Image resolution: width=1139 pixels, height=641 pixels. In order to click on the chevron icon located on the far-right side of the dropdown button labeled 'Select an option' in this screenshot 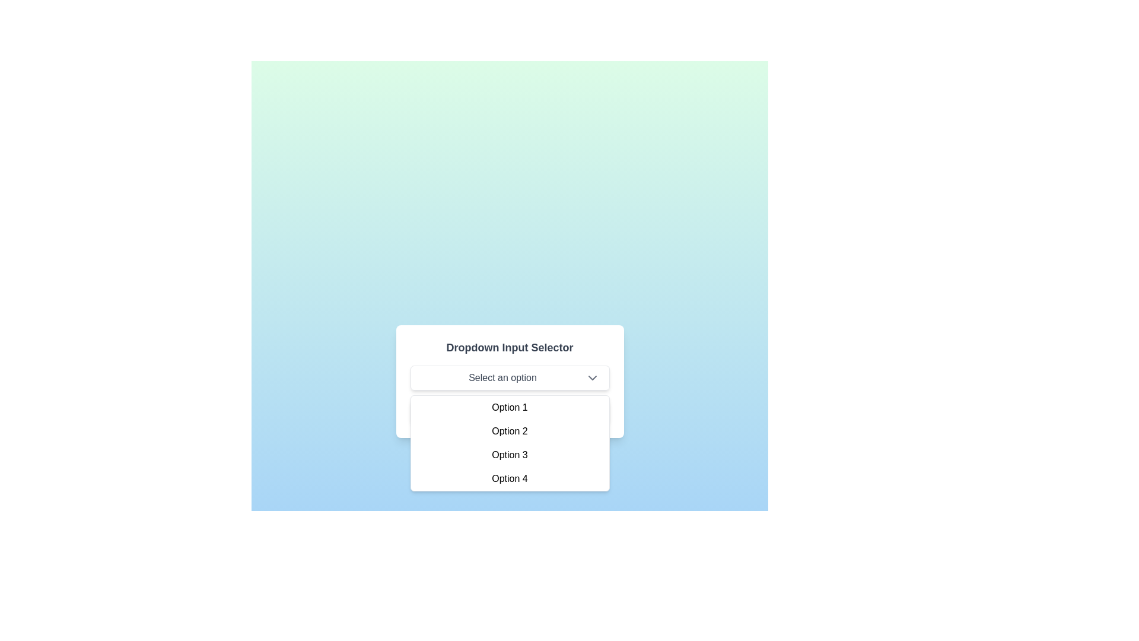, I will do `click(592, 377)`.